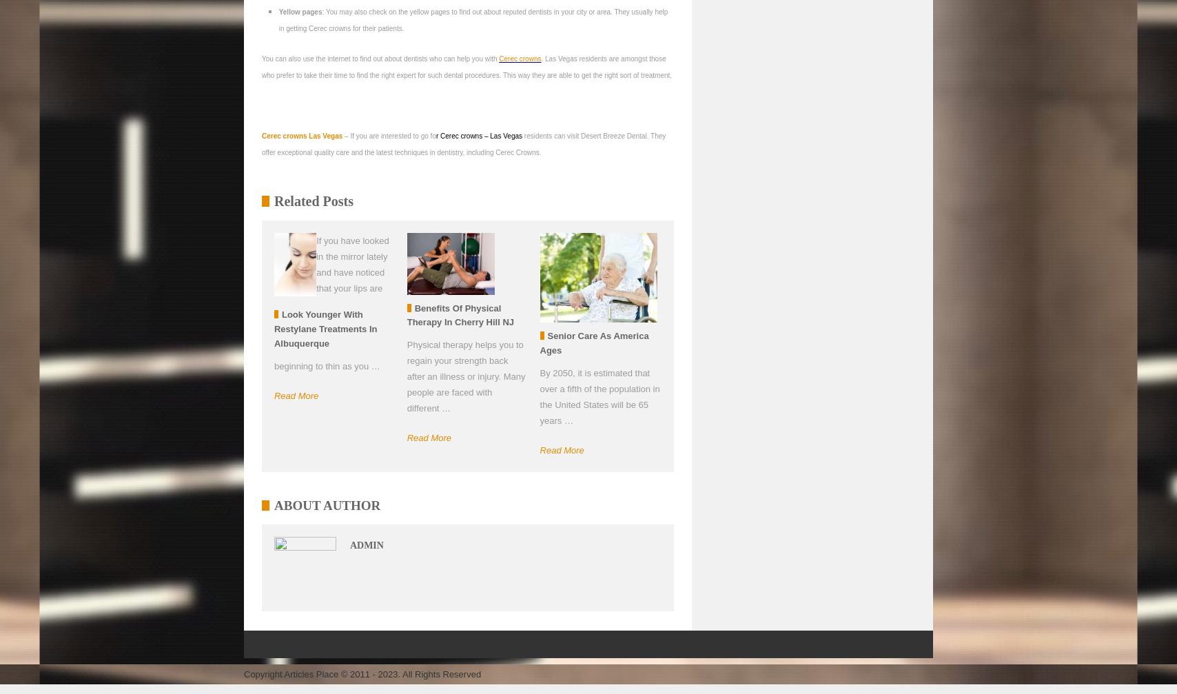 This screenshot has width=1177, height=694. Describe the element at coordinates (262, 136) in the screenshot. I see `'Cerec crowns Las Vegas'` at that location.